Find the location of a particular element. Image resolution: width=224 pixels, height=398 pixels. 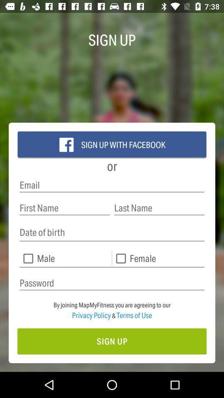

last name is located at coordinates (159, 207).